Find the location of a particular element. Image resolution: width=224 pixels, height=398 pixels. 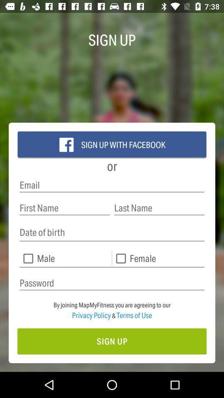

last name is located at coordinates (159, 207).